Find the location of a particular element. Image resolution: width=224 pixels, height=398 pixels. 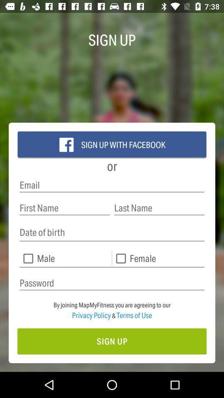

last name is located at coordinates (159, 207).